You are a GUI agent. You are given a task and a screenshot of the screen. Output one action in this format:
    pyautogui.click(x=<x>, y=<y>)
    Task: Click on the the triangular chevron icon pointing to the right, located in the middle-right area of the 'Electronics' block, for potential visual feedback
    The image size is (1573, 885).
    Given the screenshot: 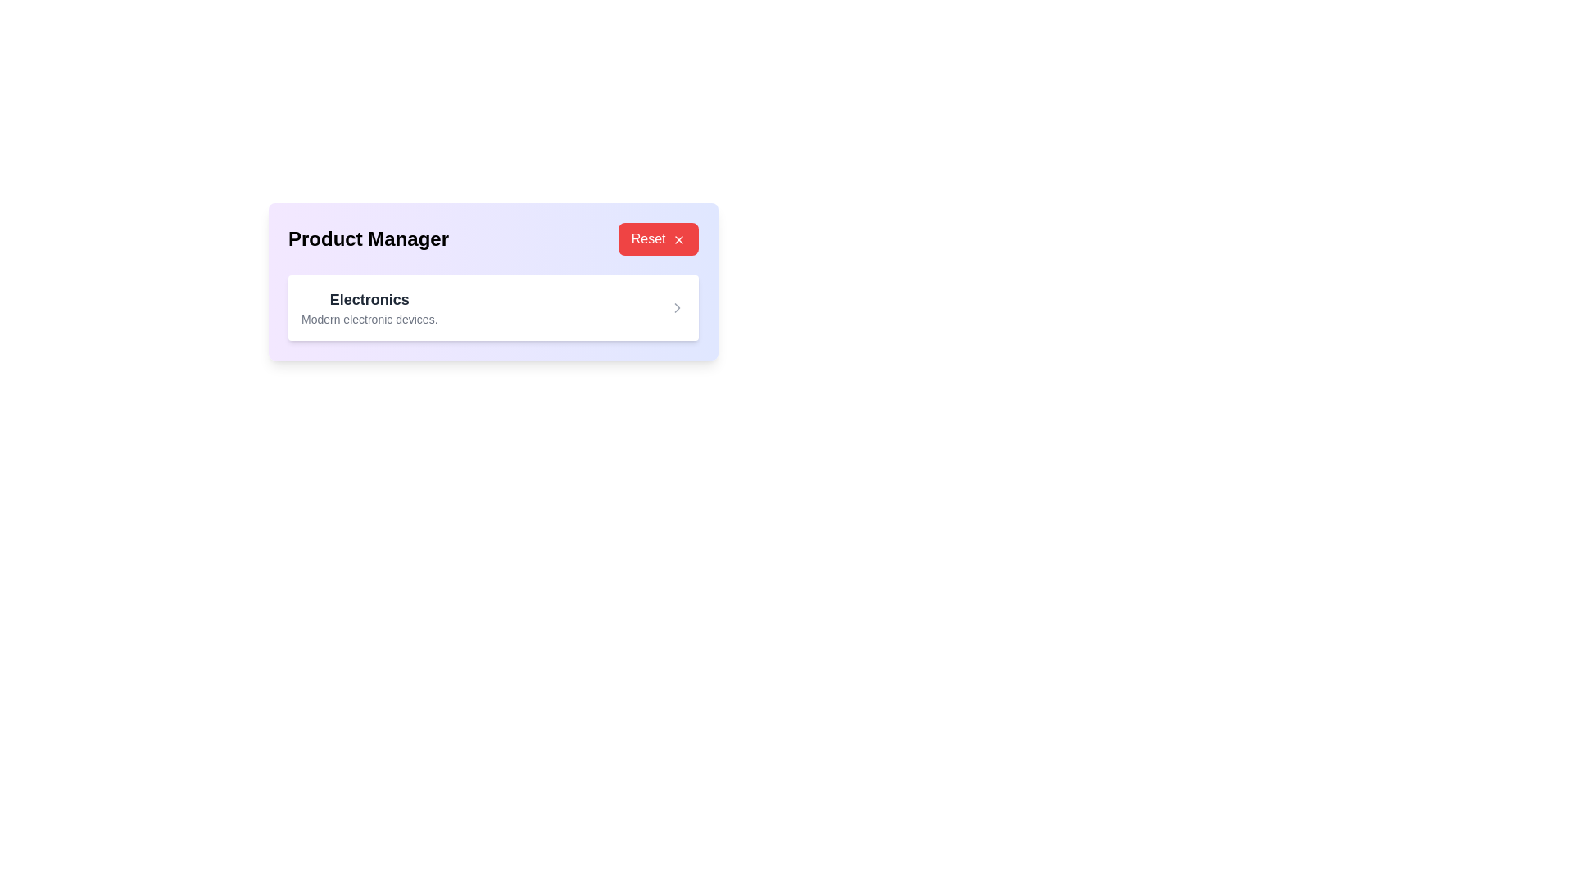 What is the action you would take?
    pyautogui.click(x=677, y=307)
    